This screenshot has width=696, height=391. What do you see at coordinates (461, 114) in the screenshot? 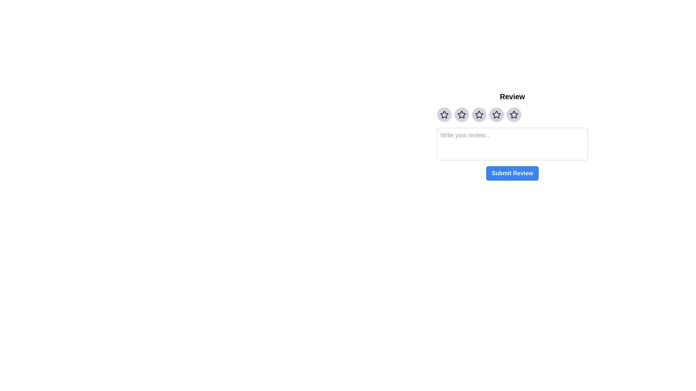
I see `the second star icon in the interactive rating system` at bounding box center [461, 114].